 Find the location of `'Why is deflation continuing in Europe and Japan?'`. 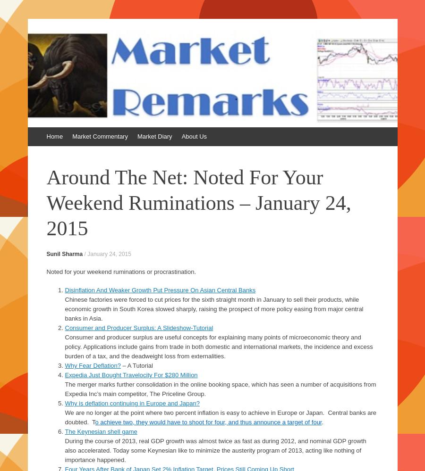

'Why is deflation continuing in Europe and Japan?' is located at coordinates (131, 403).